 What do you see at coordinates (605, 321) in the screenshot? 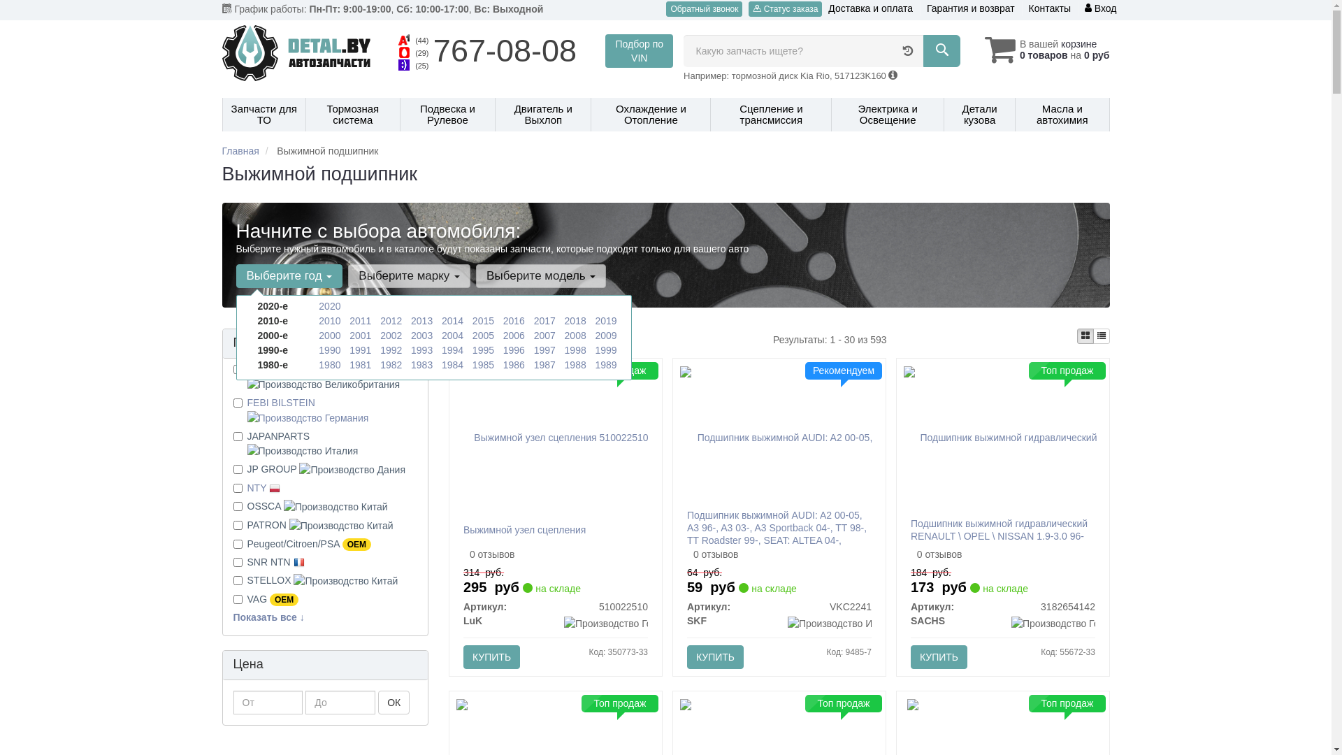
I see `'2019'` at bounding box center [605, 321].